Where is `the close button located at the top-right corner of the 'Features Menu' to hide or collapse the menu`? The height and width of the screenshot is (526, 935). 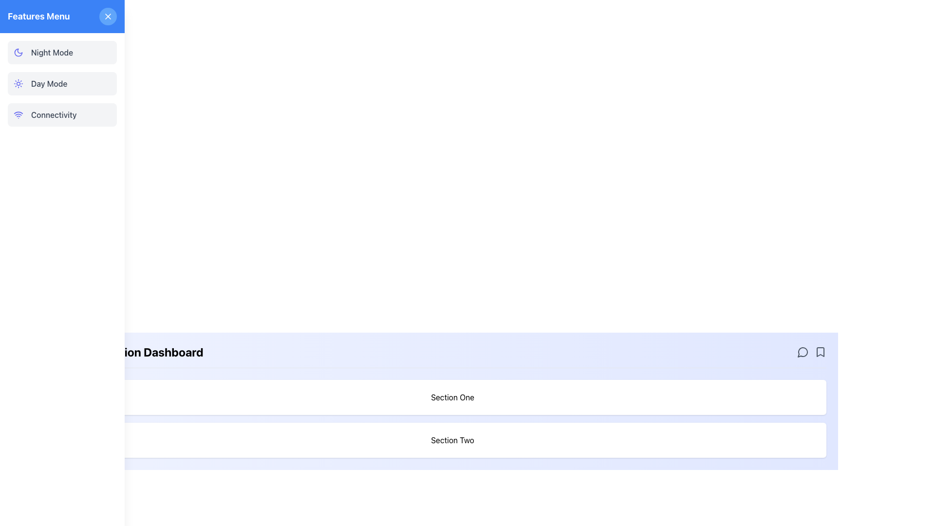
the close button located at the top-right corner of the 'Features Menu' to hide or collapse the menu is located at coordinates (108, 17).